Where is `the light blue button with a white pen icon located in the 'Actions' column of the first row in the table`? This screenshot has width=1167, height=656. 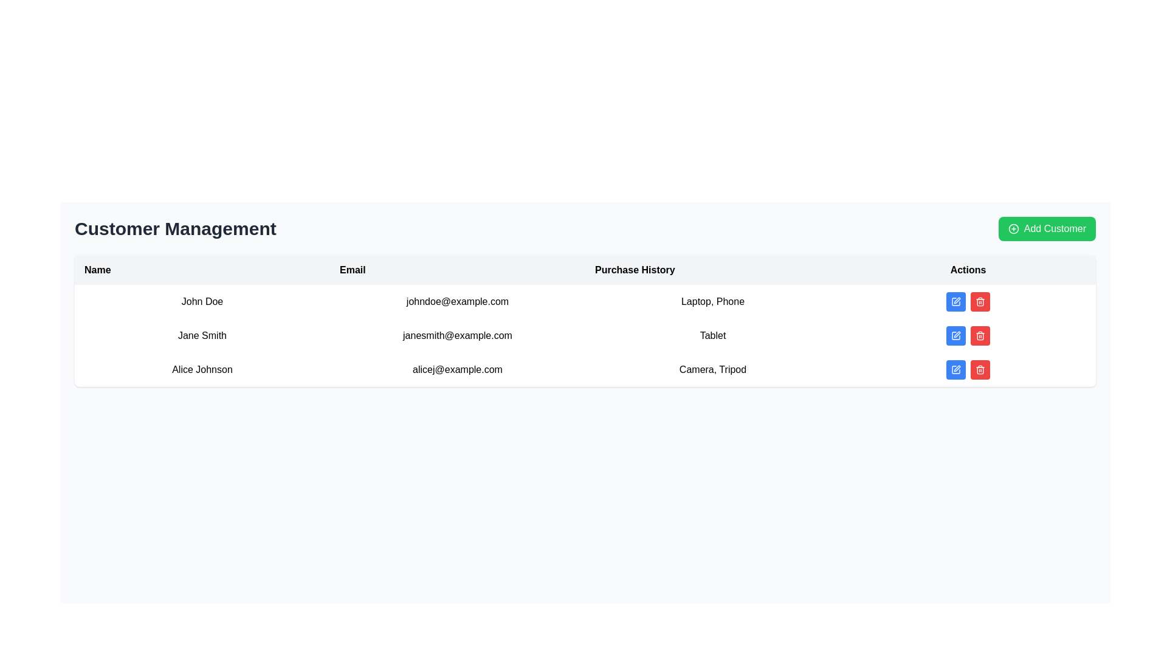 the light blue button with a white pen icon located in the 'Actions' column of the first row in the table is located at coordinates (955, 301).